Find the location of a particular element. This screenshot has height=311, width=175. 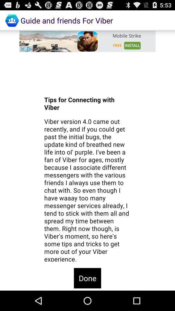

advertisement is located at coordinates (87, 41).